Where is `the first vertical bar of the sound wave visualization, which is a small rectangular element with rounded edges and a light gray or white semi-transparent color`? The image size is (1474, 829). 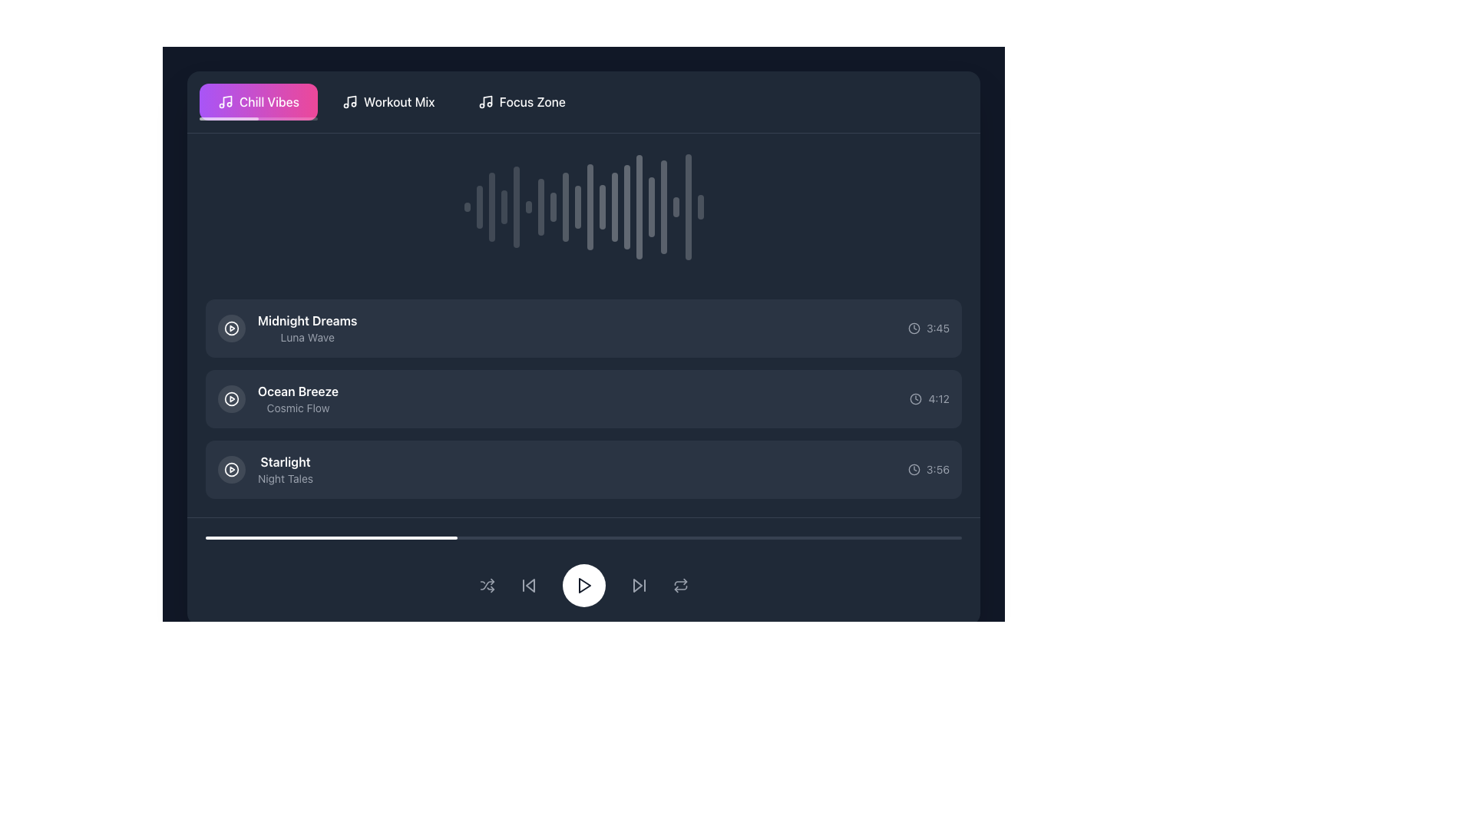
the first vertical bar of the sound wave visualization, which is a small rectangular element with rounded edges and a light gray or white semi-transparent color is located at coordinates (466, 207).